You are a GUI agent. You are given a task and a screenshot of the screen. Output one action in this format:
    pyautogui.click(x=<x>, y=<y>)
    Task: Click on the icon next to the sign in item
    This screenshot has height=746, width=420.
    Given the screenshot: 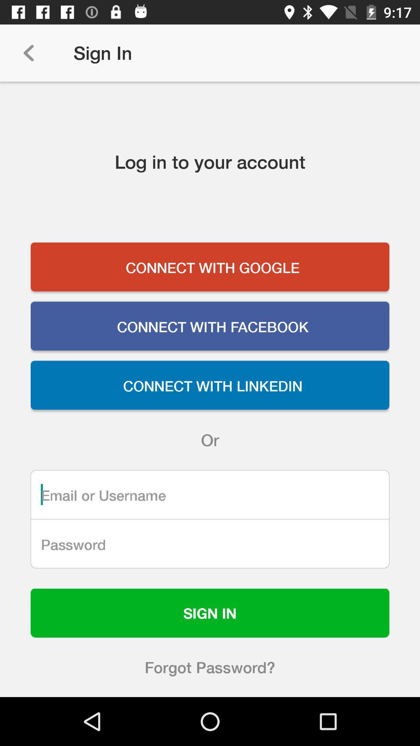 What is the action you would take?
    pyautogui.click(x=28, y=52)
    